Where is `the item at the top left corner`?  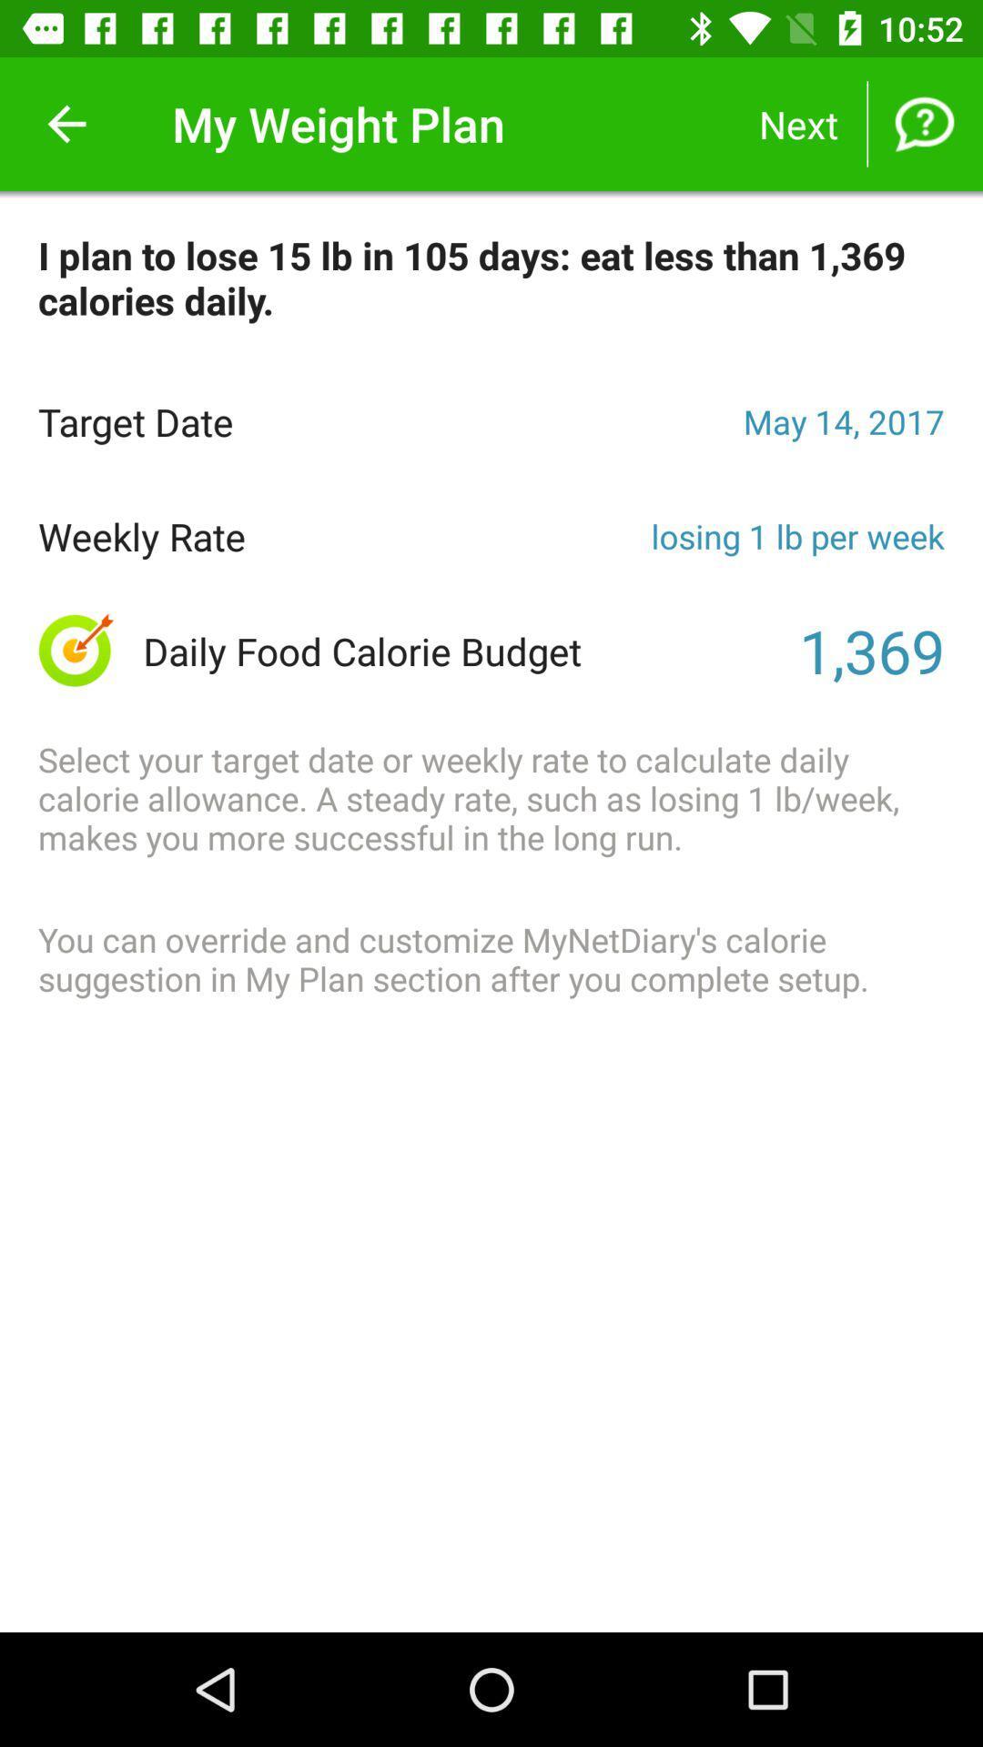 the item at the top left corner is located at coordinates (66, 123).